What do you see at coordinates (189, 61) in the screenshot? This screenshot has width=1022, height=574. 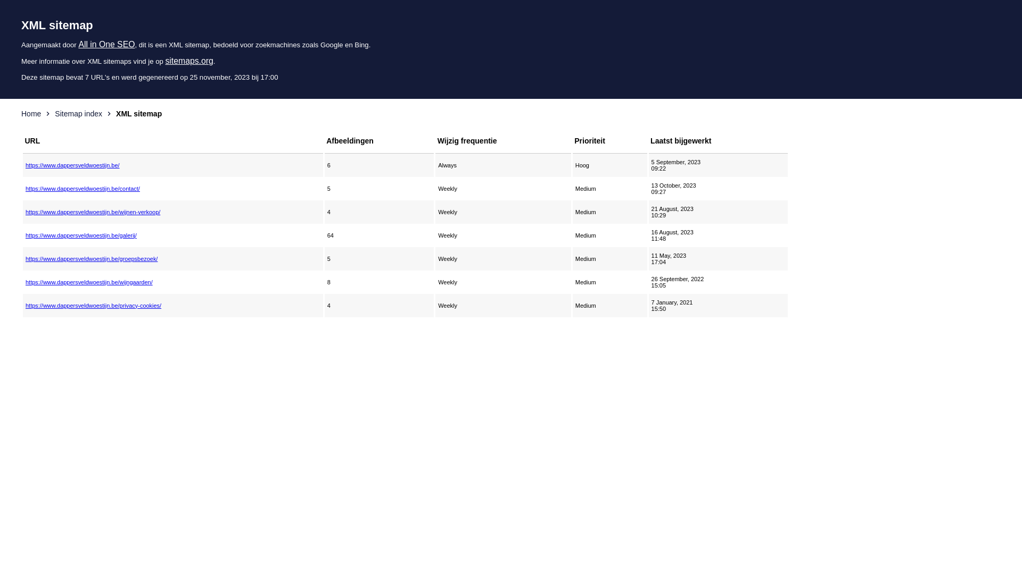 I see `'sitemaps.org'` at bounding box center [189, 61].